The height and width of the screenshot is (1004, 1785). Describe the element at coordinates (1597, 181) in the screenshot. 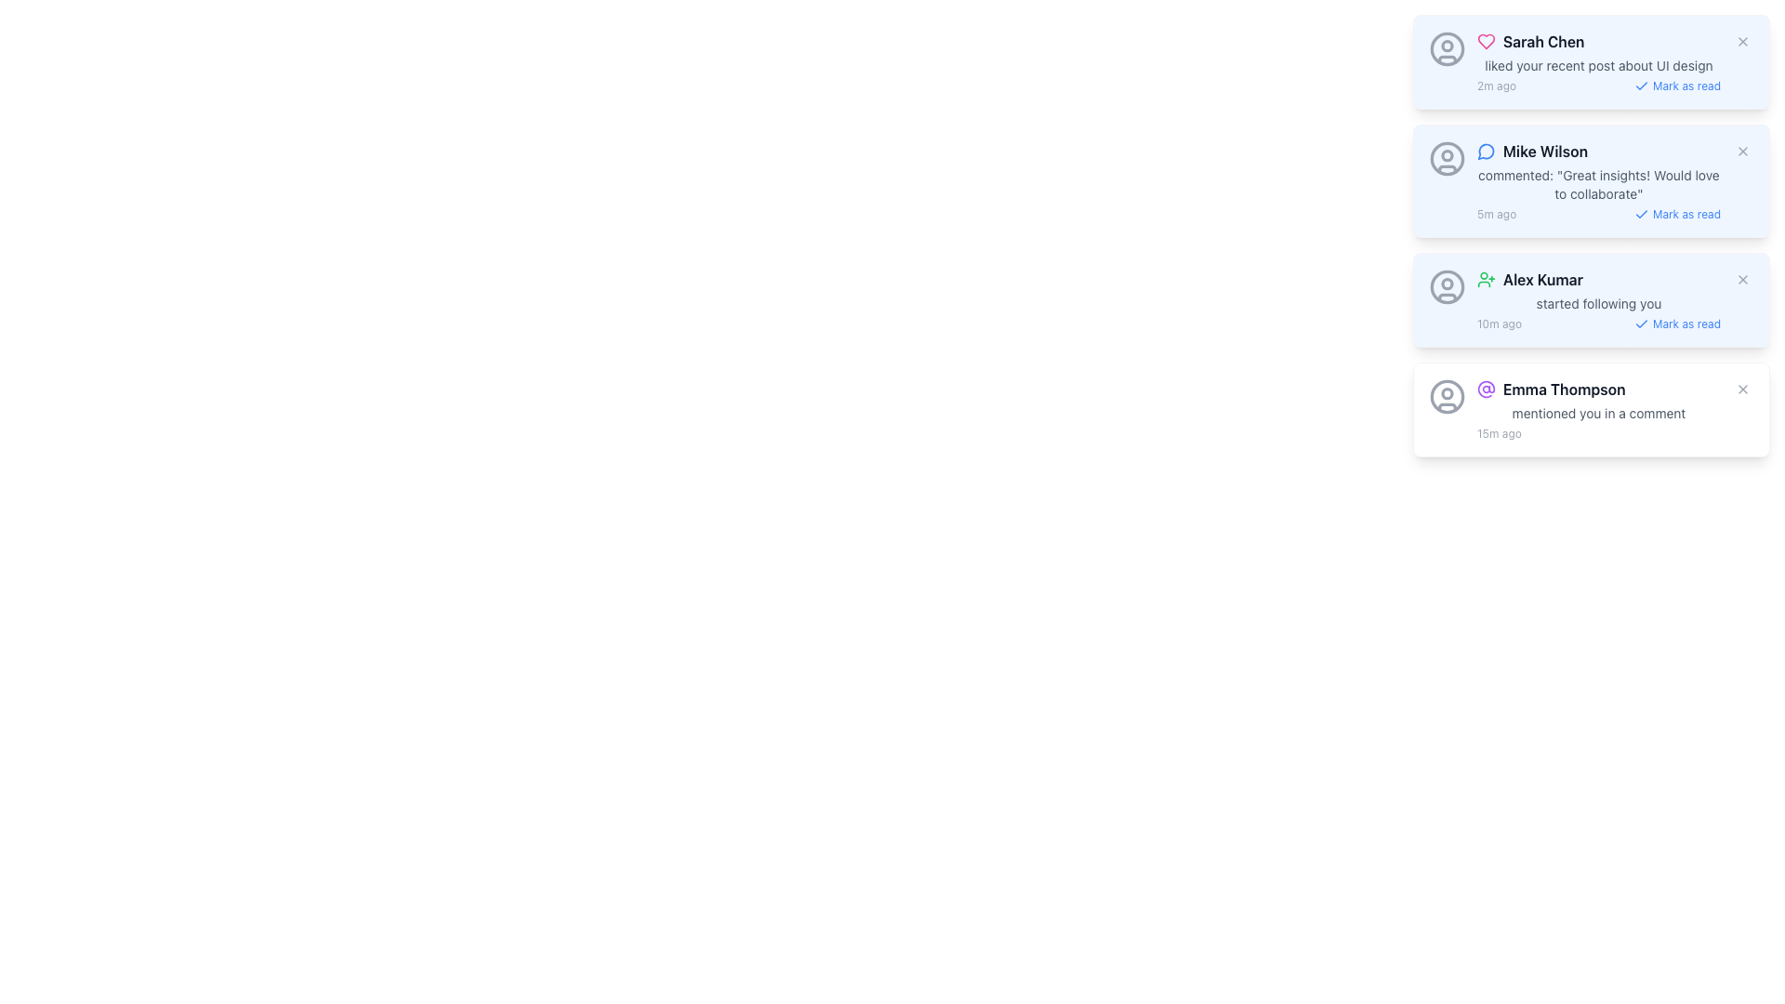

I see `the username 'Mike Wilson' in the second notification card` at that location.